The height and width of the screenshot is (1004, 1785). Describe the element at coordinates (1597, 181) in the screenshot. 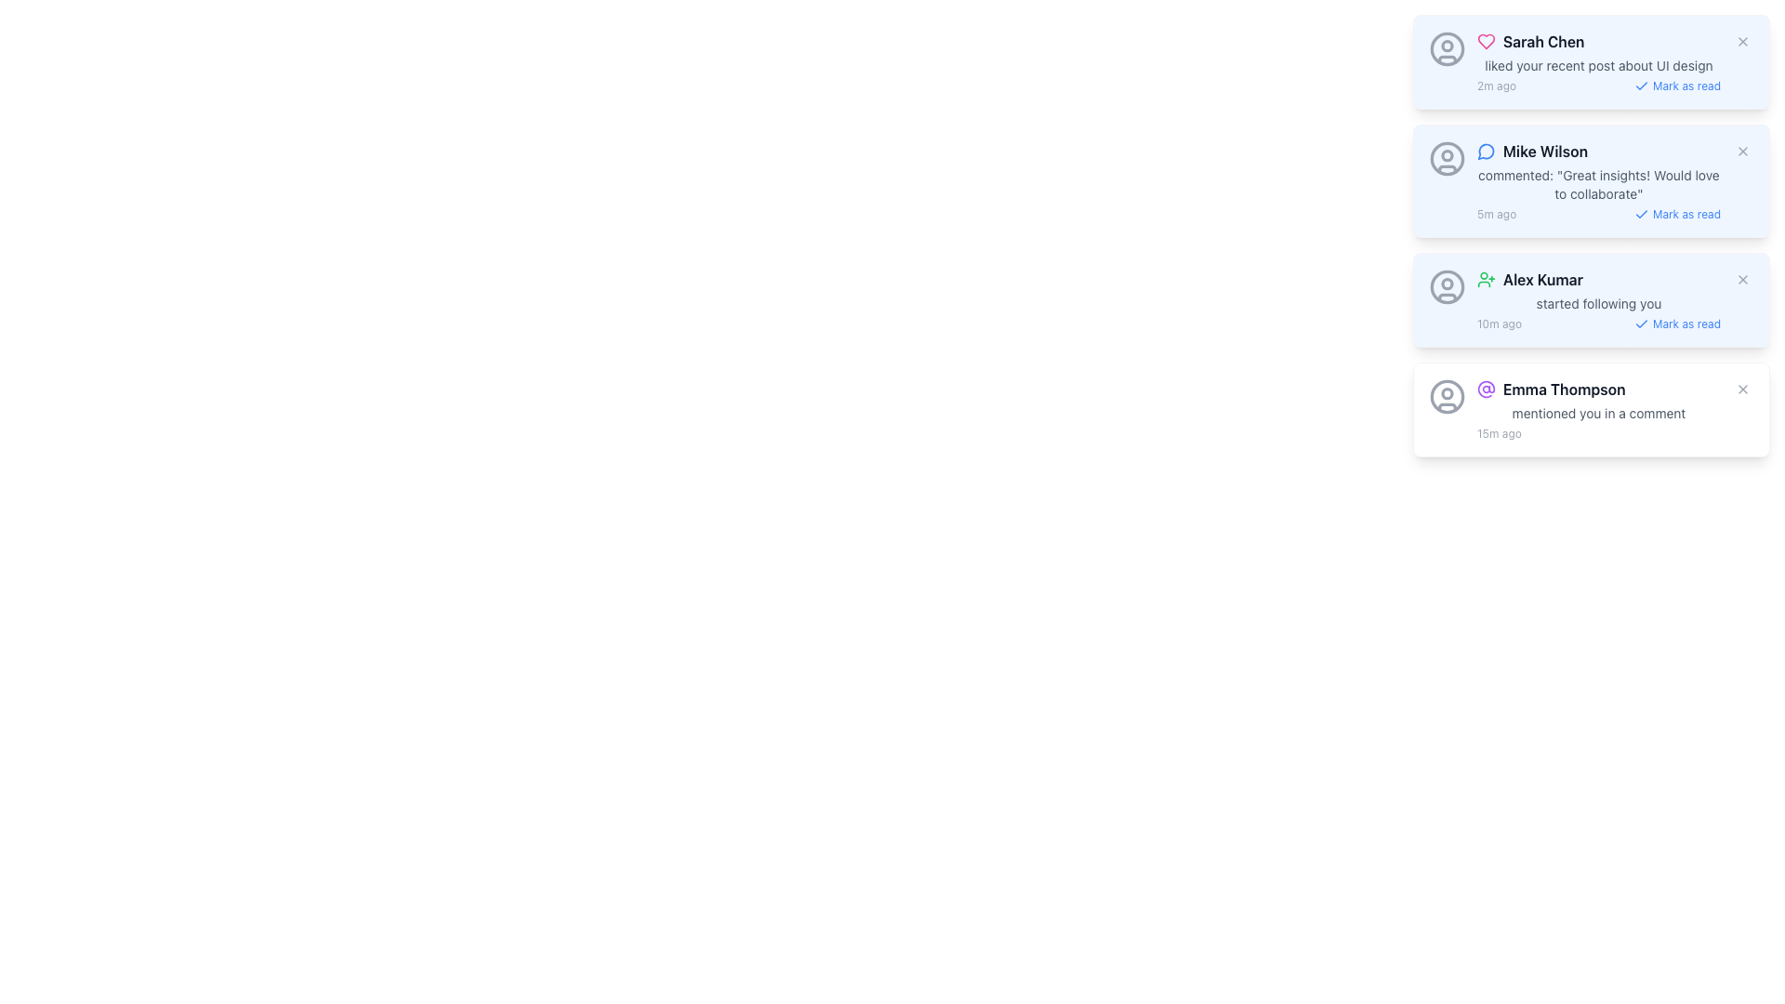

I see `the username 'Mike Wilson' in the second notification card` at that location.